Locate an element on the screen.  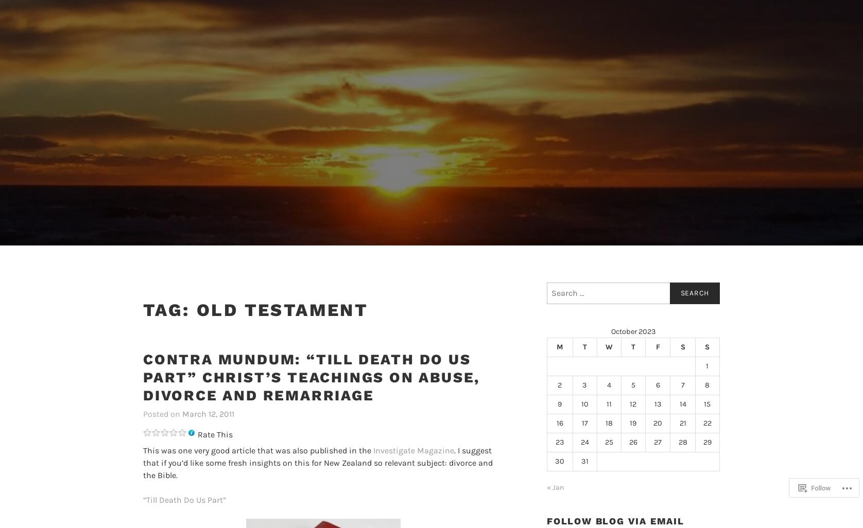
'27' is located at coordinates (658, 442).